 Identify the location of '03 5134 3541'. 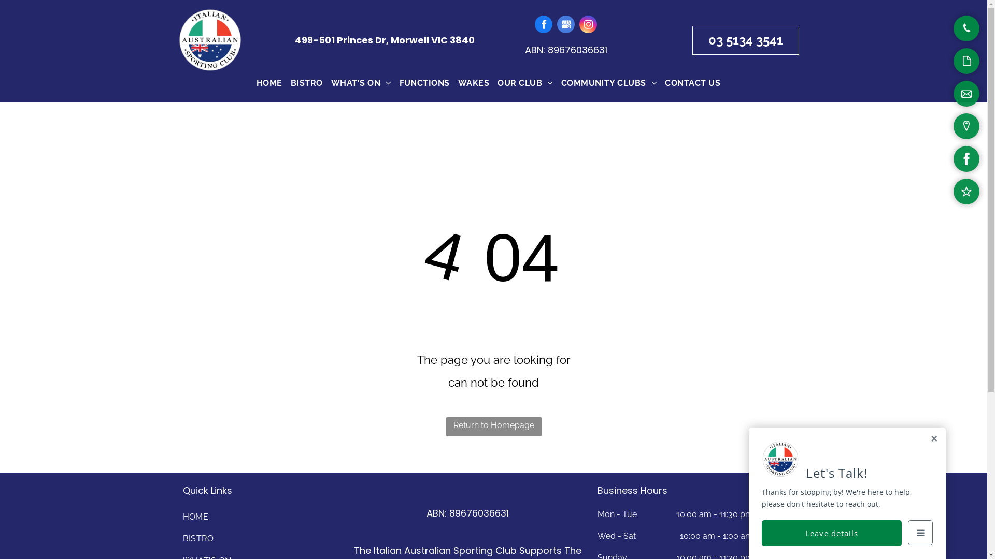
(745, 39).